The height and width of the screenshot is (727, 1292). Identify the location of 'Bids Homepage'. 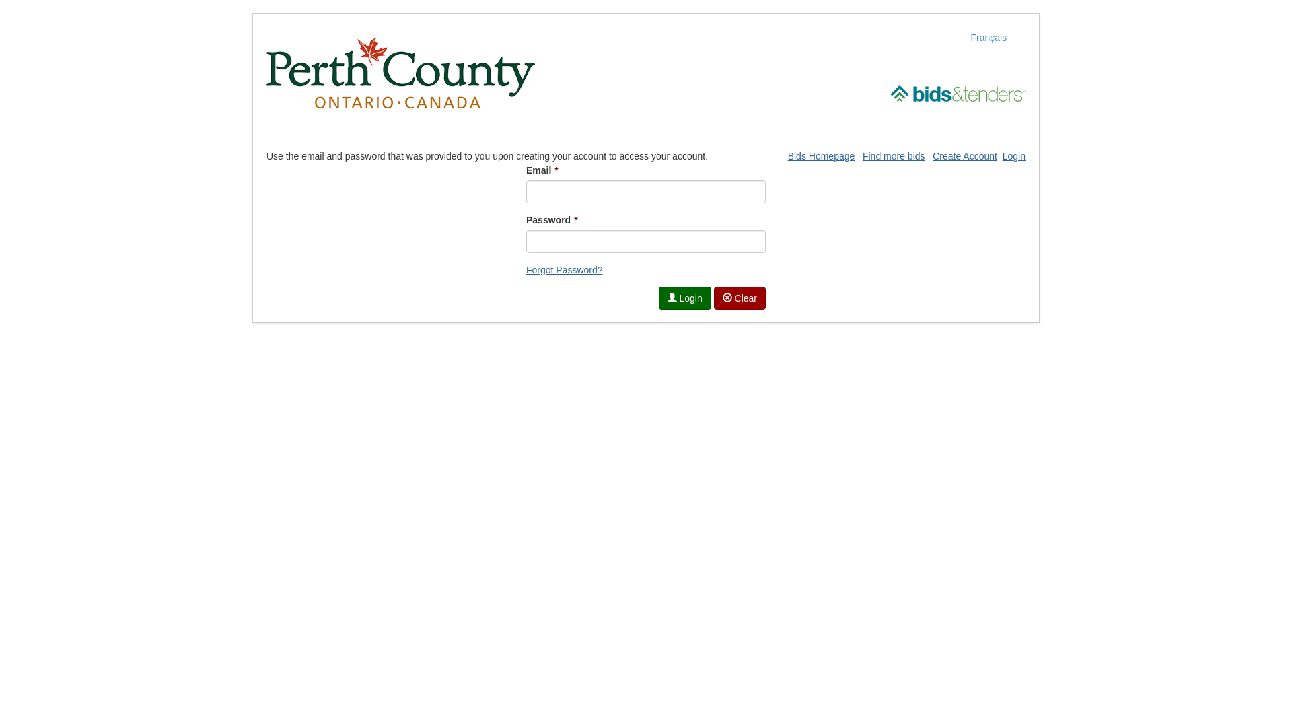
(820, 155).